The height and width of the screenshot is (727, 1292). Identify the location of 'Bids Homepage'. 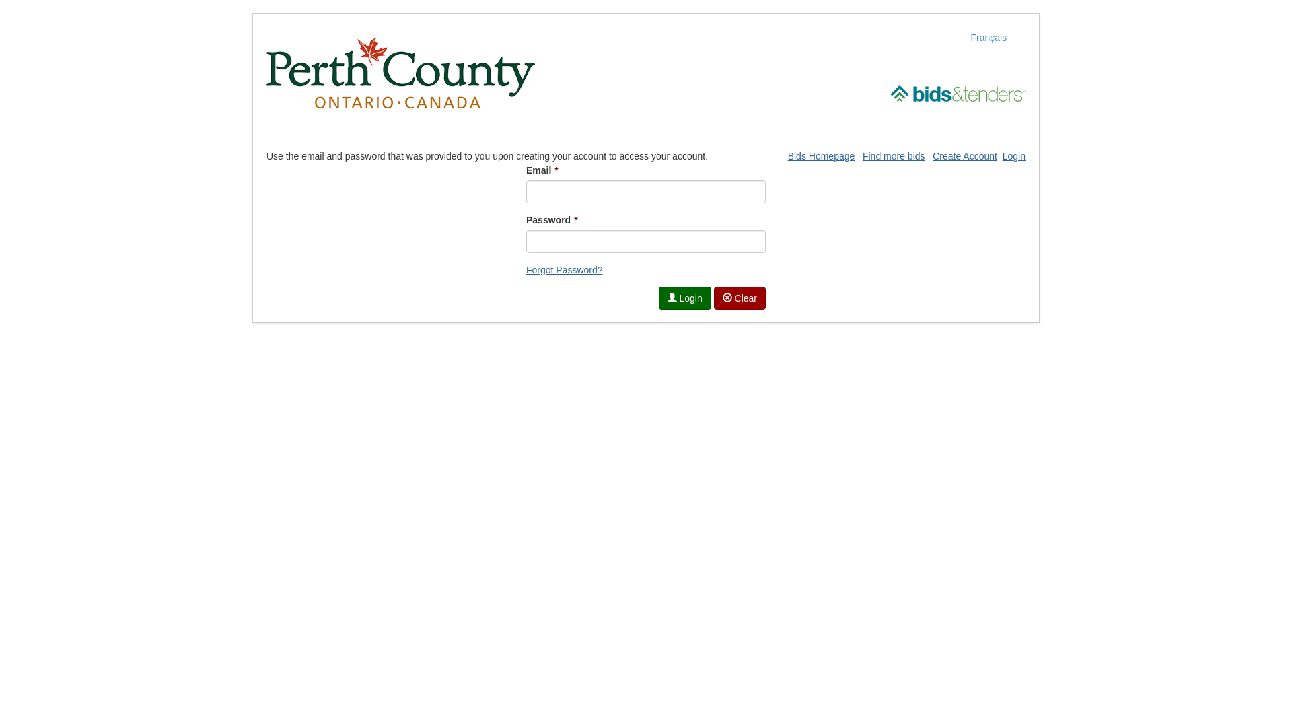
(820, 155).